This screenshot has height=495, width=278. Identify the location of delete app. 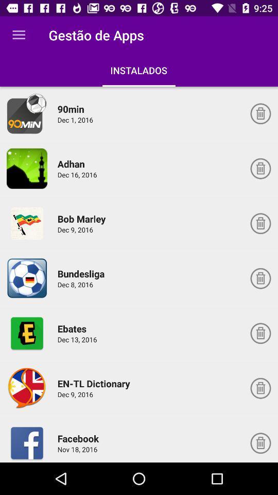
(260, 278).